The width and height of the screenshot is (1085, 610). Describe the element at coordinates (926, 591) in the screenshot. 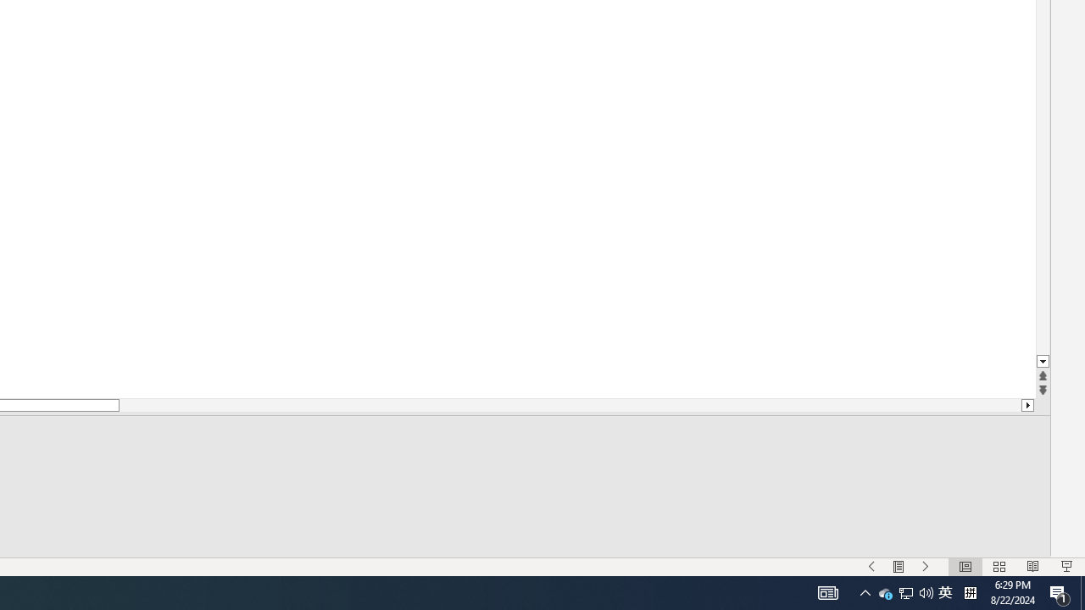

I see `'Q2790: 100%'` at that location.